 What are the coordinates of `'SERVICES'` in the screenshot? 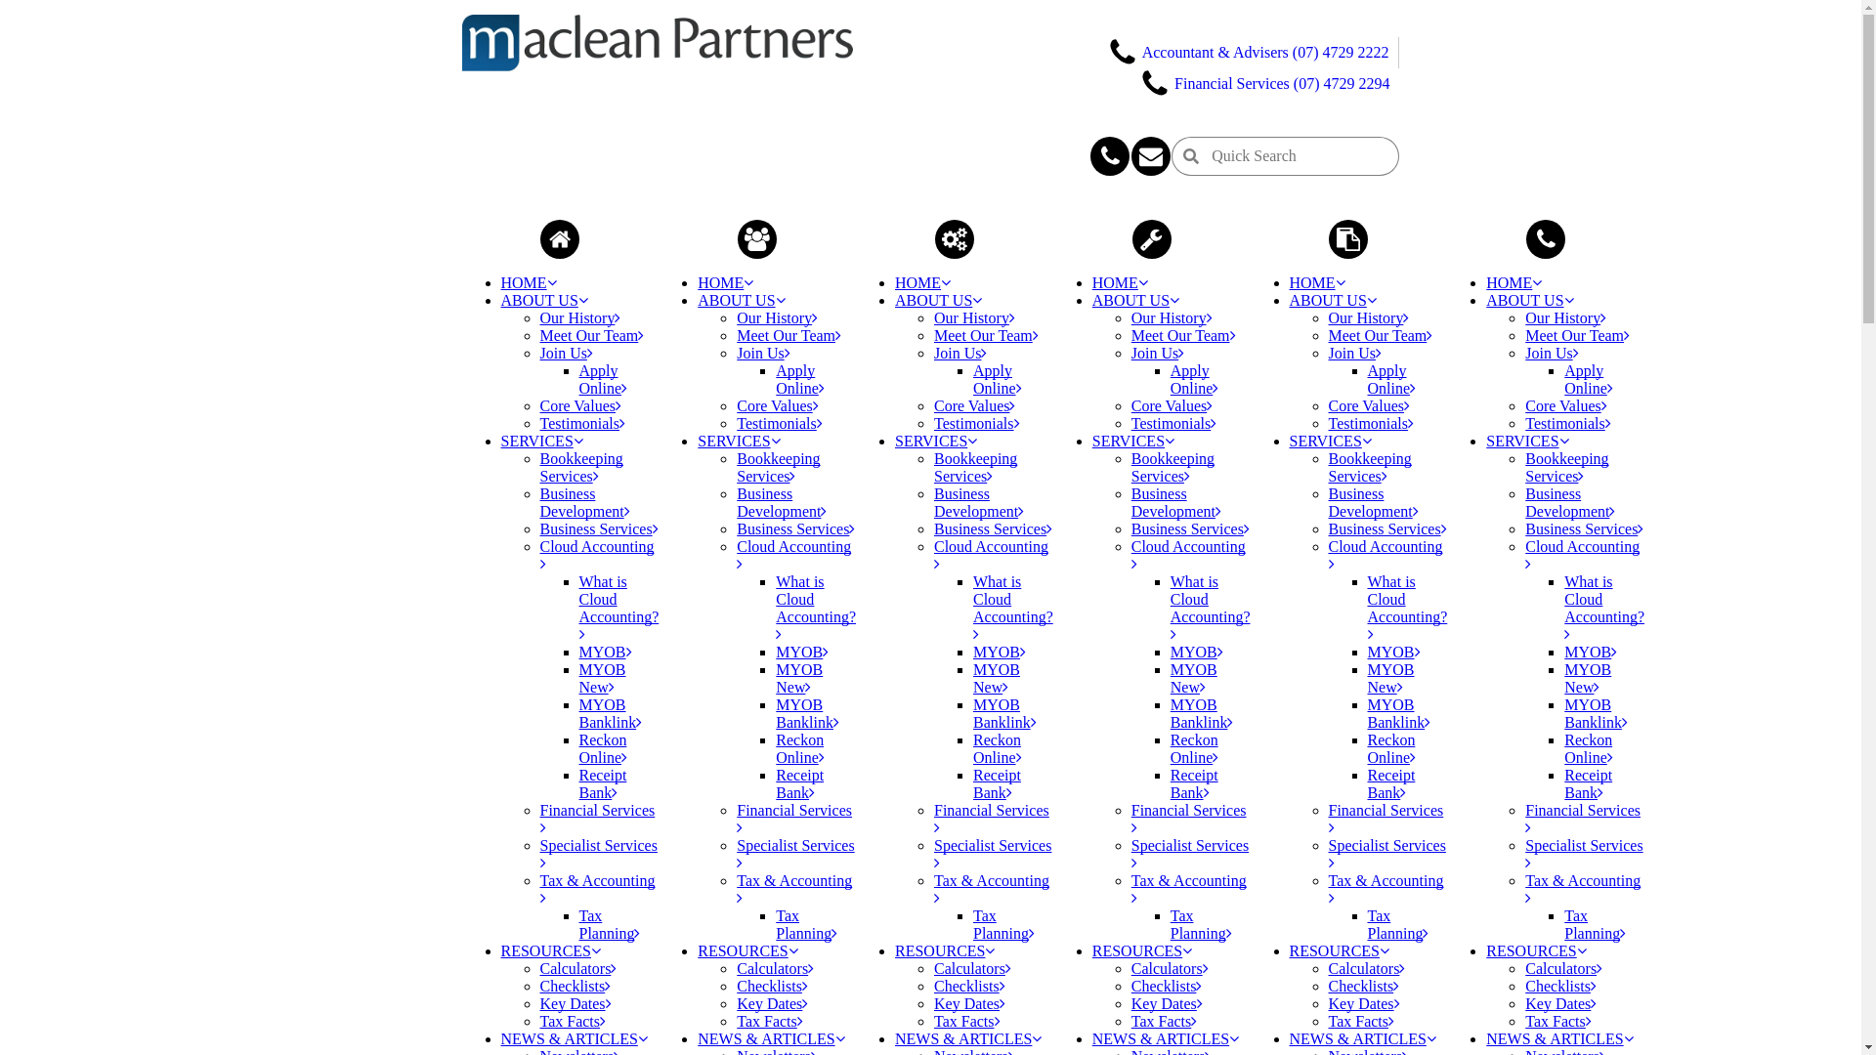 It's located at (1526, 441).